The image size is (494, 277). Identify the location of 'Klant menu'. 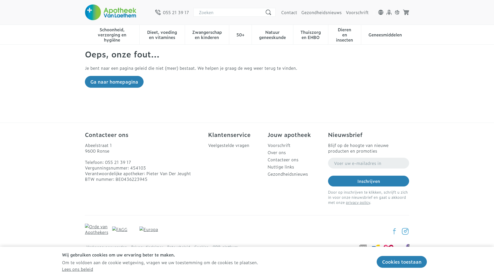
(389, 12).